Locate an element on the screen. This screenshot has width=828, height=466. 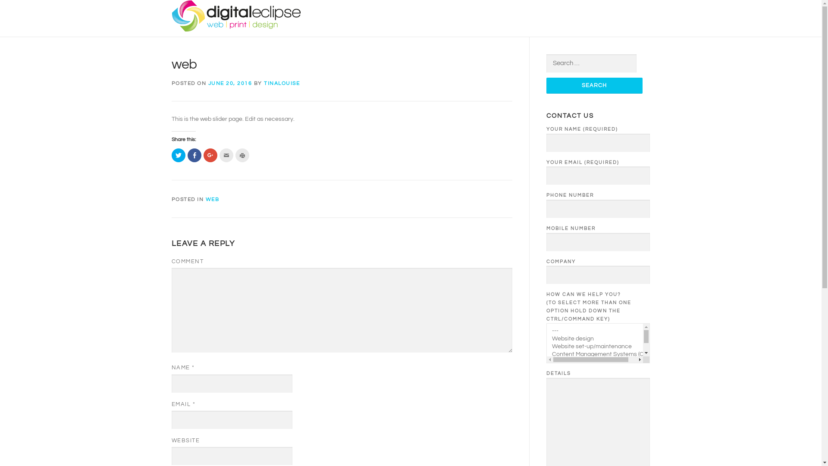
'Click to share on Facebook (Opens in new window)' is located at coordinates (194, 154).